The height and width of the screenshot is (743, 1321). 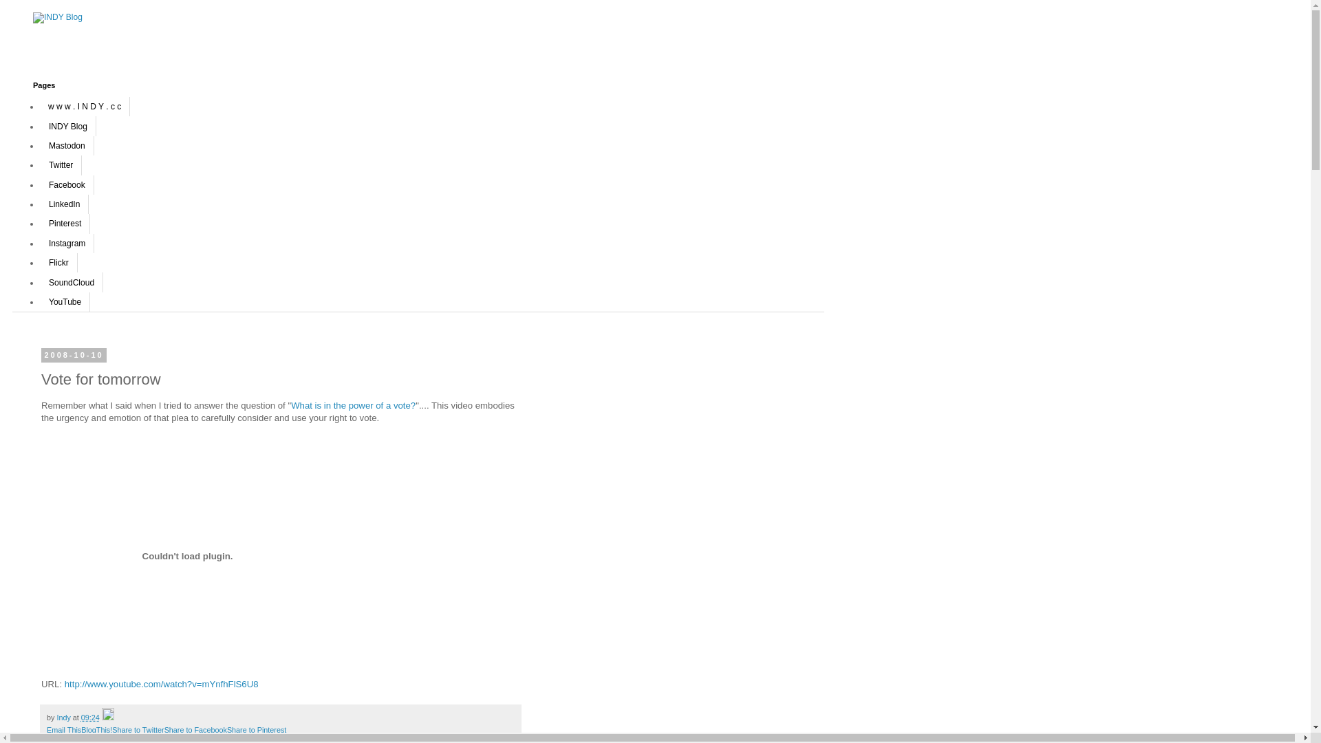 What do you see at coordinates (66, 146) in the screenshot?
I see `'Mastodon'` at bounding box center [66, 146].